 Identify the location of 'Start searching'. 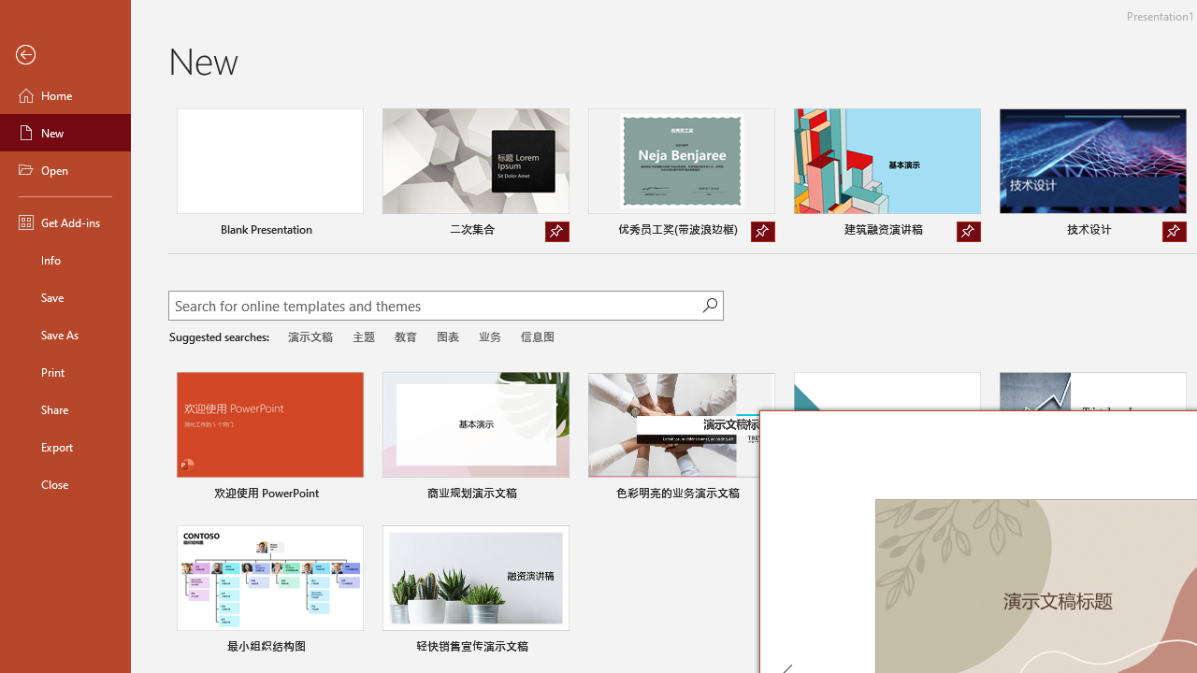
(709, 304).